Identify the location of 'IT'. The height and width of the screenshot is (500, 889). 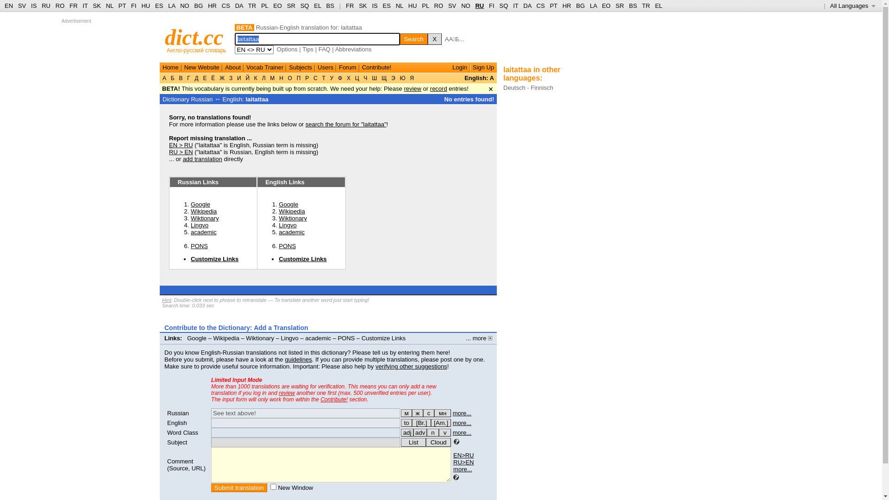
(85, 6).